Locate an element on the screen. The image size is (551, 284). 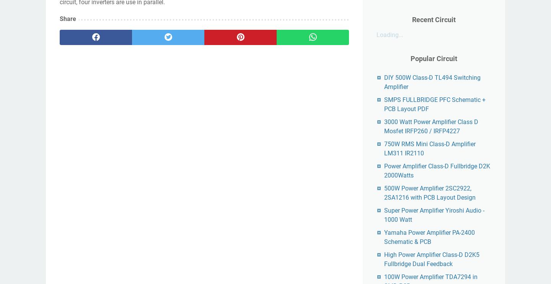
'Recent Circuit' is located at coordinates (434, 19).